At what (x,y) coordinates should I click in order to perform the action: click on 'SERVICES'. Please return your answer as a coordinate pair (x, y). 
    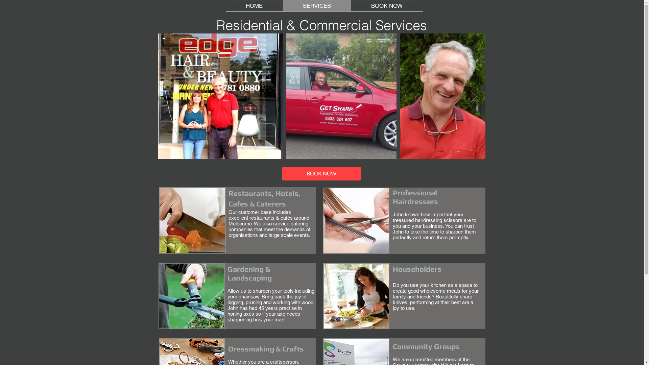
    Looking at the image, I should click on (316, 5).